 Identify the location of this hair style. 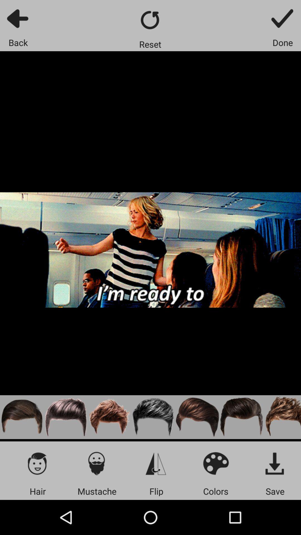
(197, 417).